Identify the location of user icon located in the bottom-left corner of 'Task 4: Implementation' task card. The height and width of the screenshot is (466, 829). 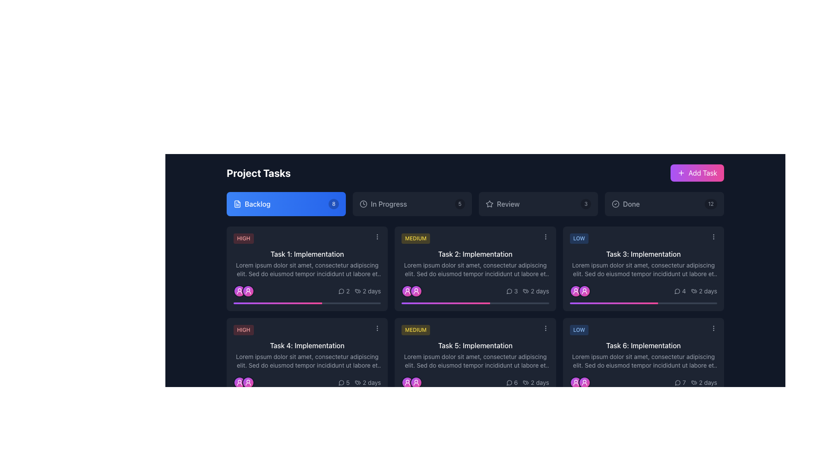
(248, 382).